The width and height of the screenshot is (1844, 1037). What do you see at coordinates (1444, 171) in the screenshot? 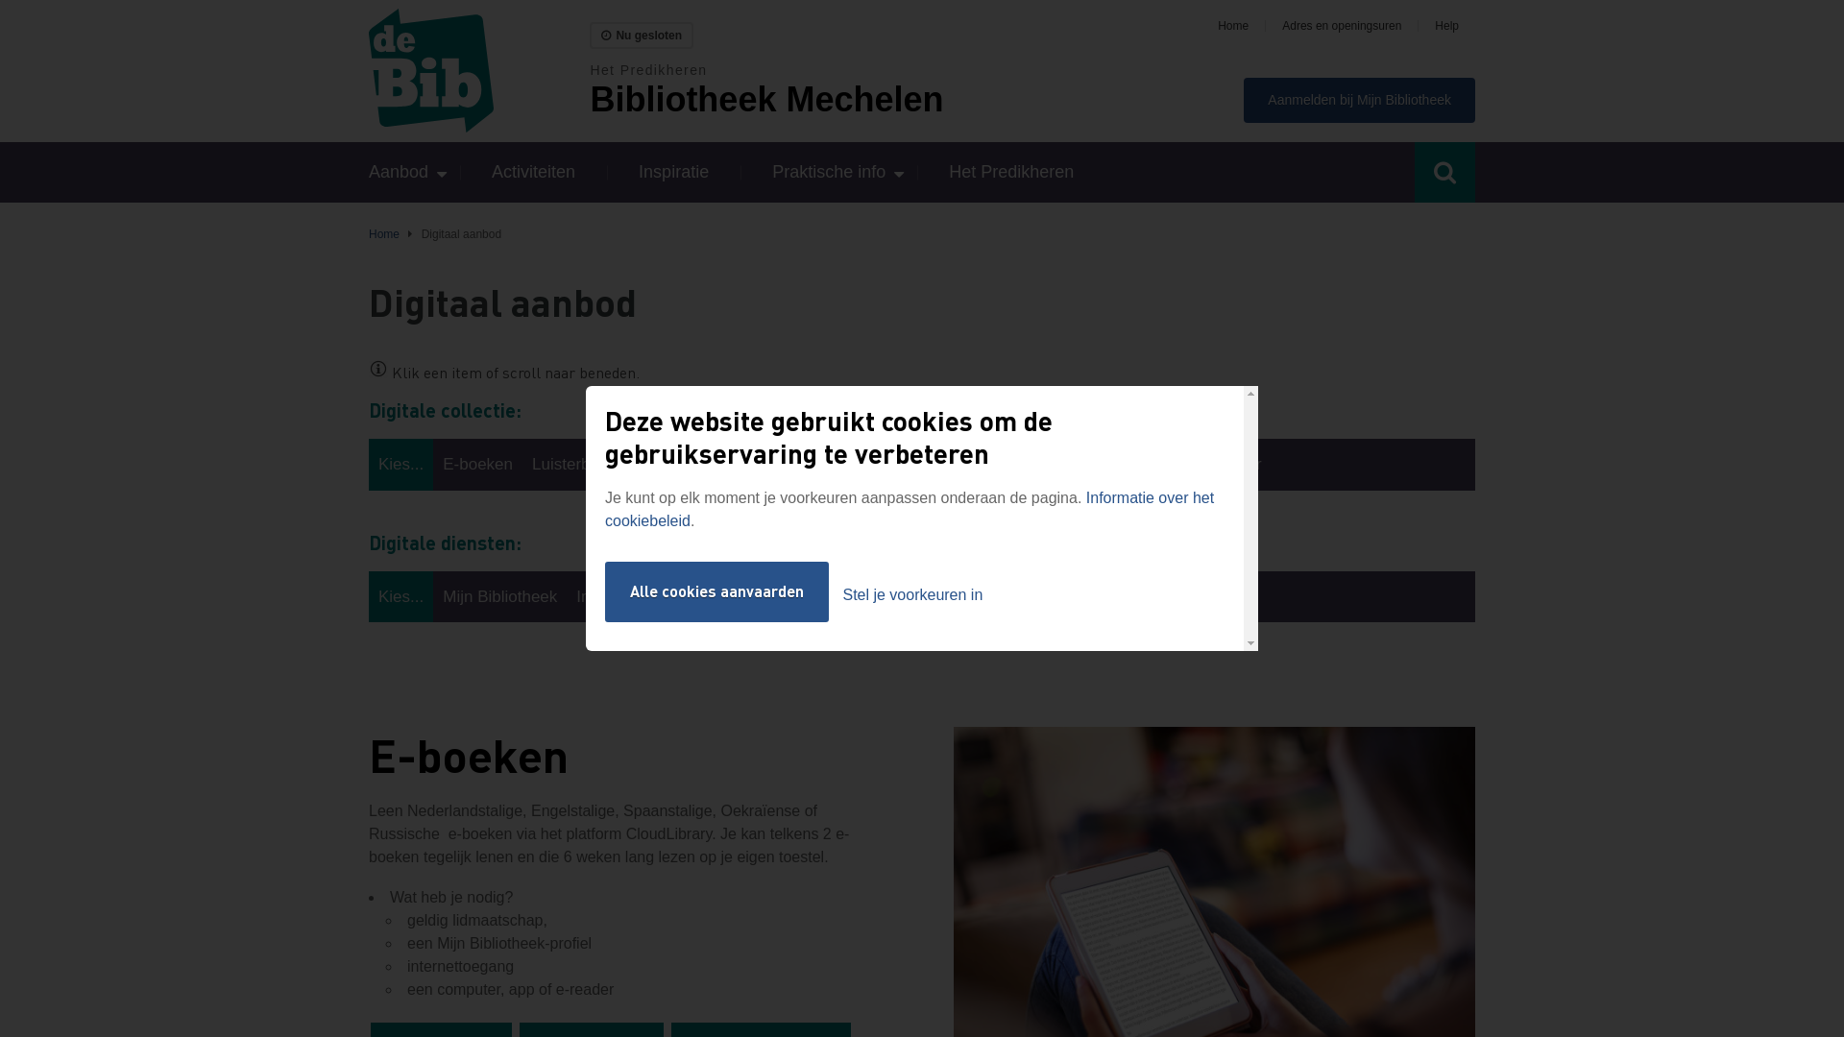
I see `'Toggle search'` at bounding box center [1444, 171].